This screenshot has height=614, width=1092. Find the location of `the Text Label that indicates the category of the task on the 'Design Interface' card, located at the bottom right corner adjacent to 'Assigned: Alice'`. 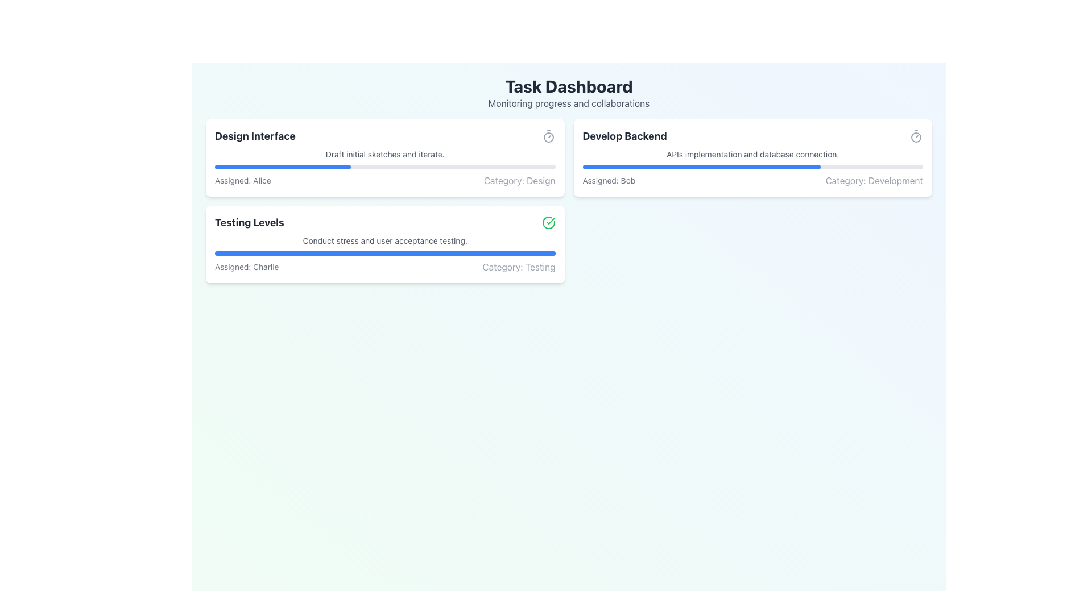

the Text Label that indicates the category of the task on the 'Design Interface' card, located at the bottom right corner adjacent to 'Assigned: Alice' is located at coordinates (519, 180).